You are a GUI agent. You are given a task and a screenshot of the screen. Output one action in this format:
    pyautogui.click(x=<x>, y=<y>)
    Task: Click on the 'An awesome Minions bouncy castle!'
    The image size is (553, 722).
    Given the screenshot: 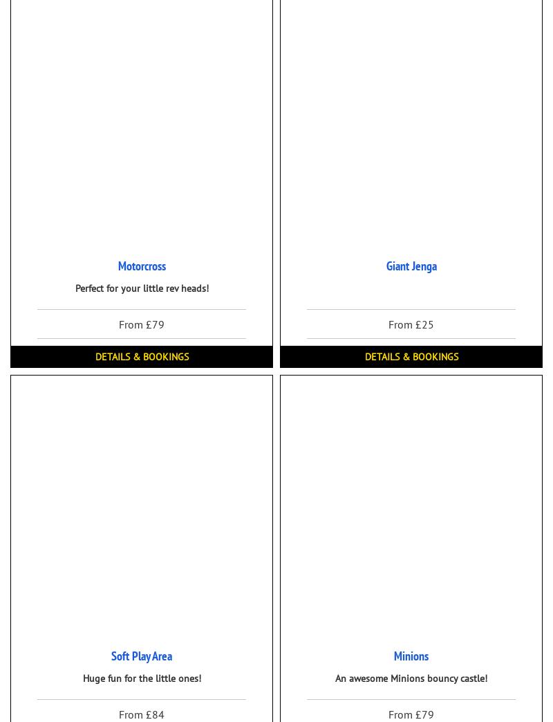 What is the action you would take?
    pyautogui.click(x=410, y=678)
    